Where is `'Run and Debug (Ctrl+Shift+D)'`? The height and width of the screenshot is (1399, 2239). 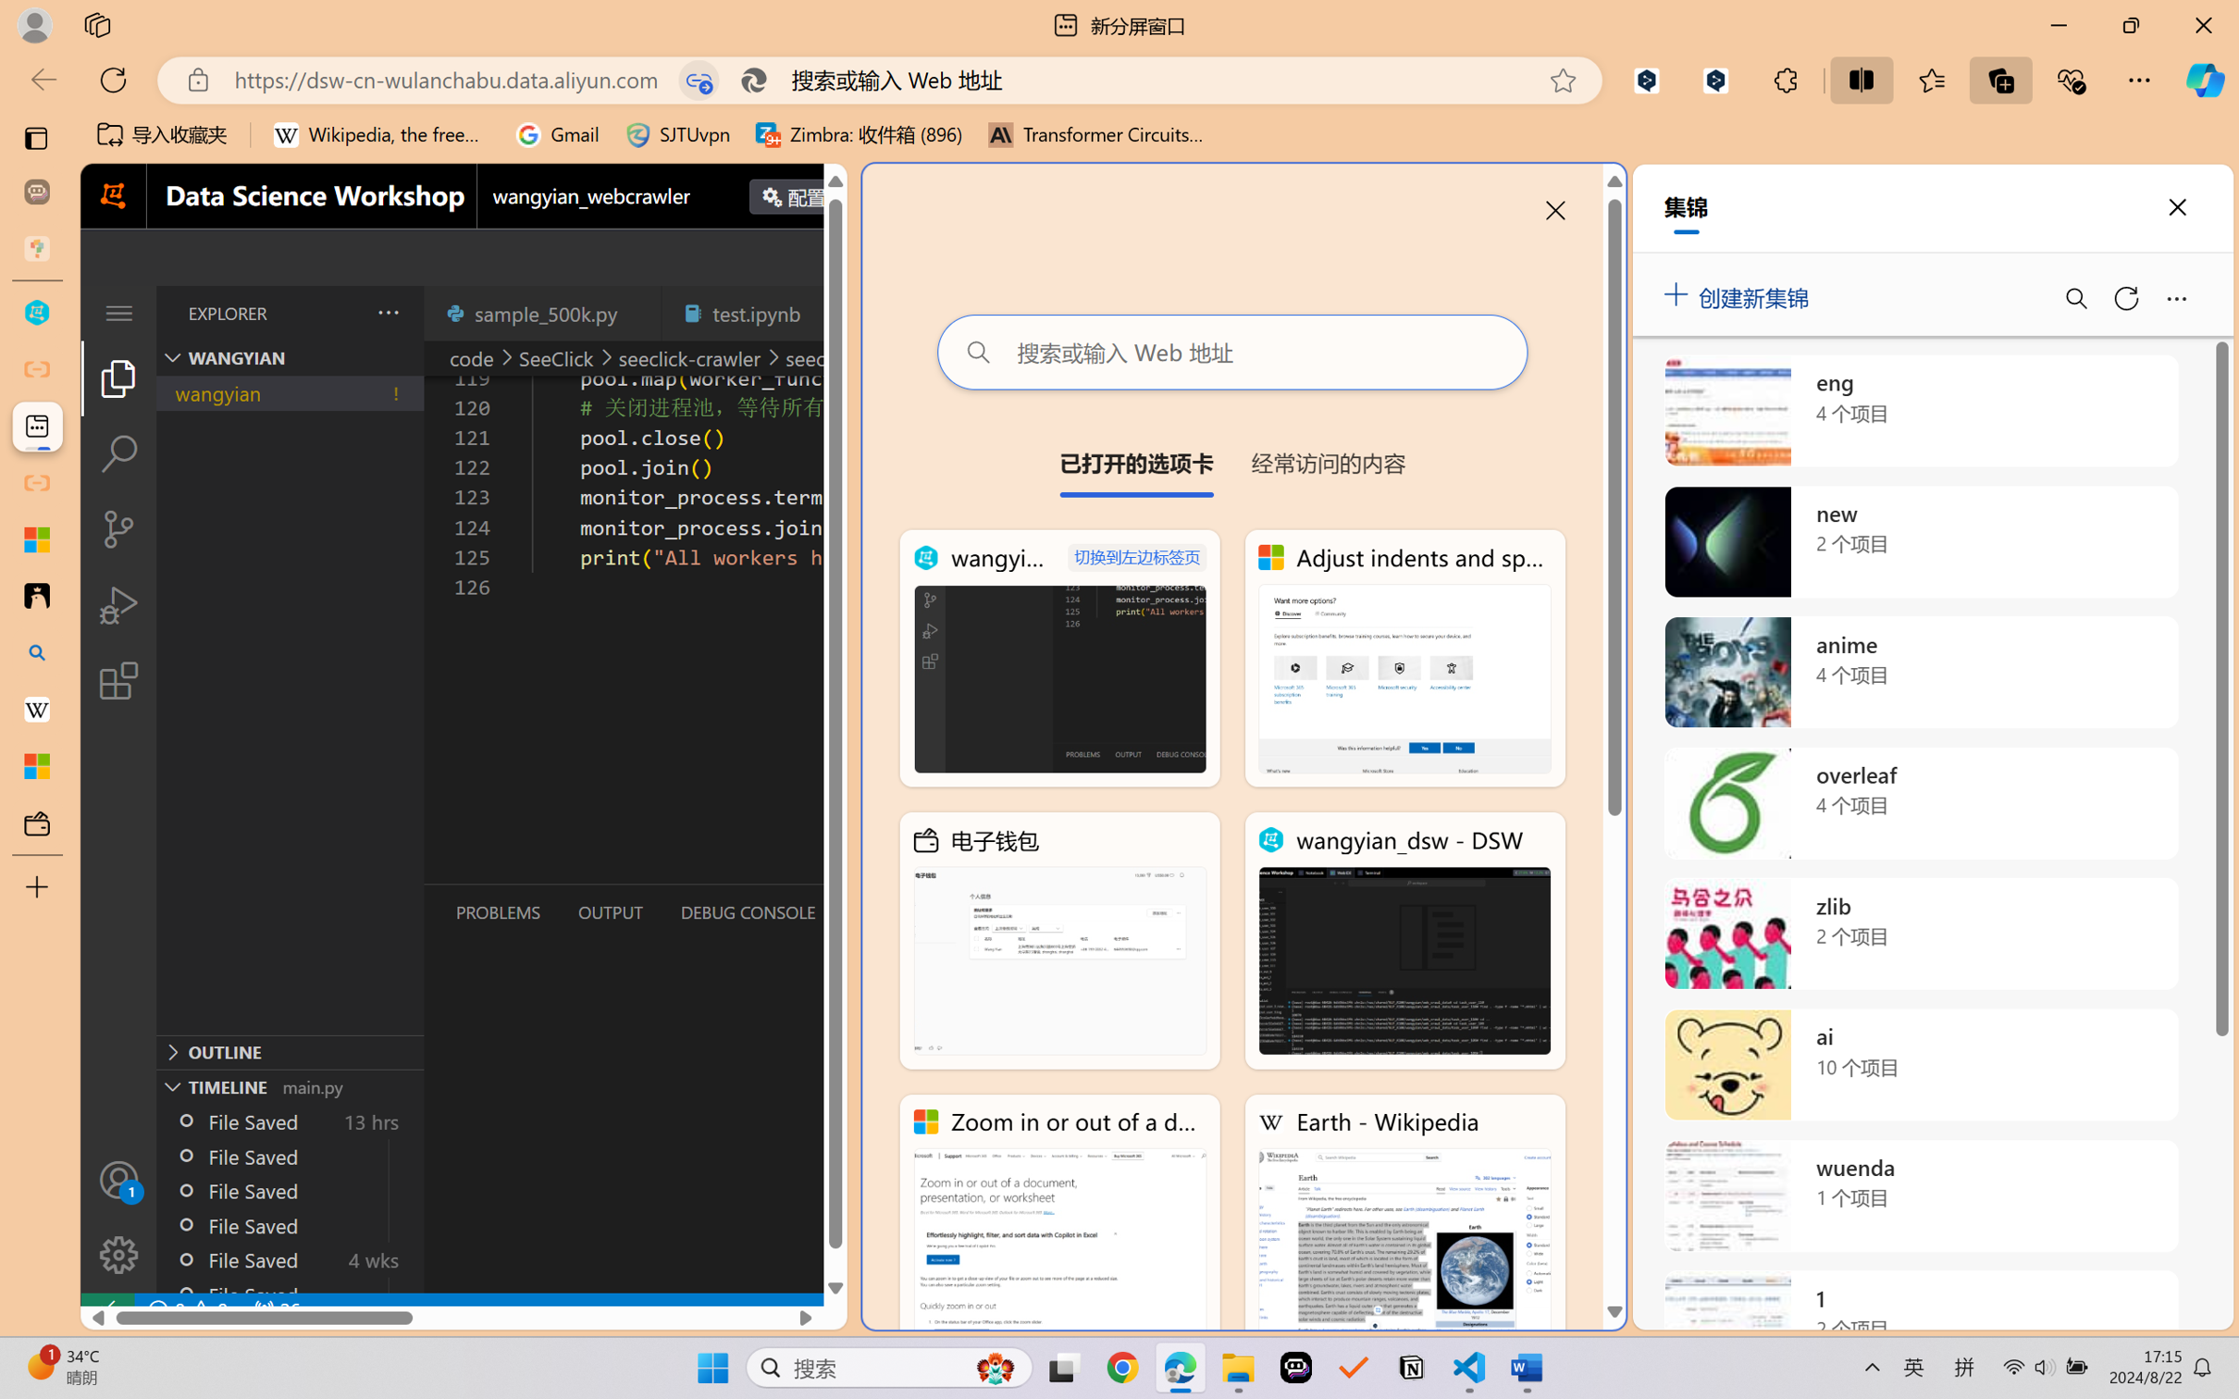
'Run and Debug (Ctrl+Shift+D)' is located at coordinates (118, 604).